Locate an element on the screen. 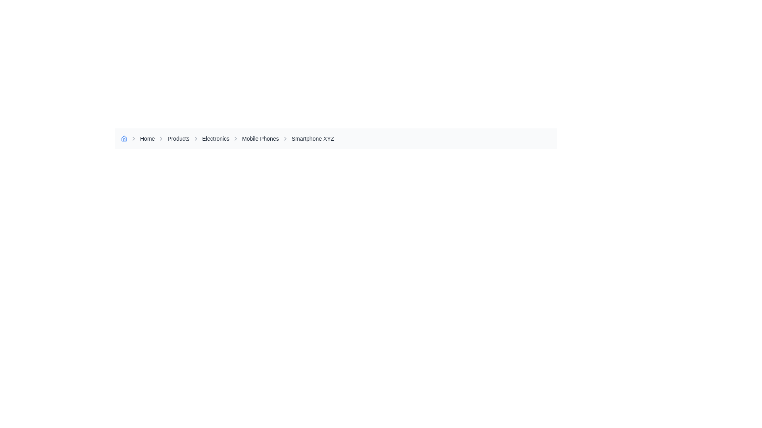 The image size is (762, 428). the visual separator icon in the breadcrumb navigation interface located immediately to the left of the text 'Electronics', indicating the division between levels of hierarchy is located at coordinates (196, 138).